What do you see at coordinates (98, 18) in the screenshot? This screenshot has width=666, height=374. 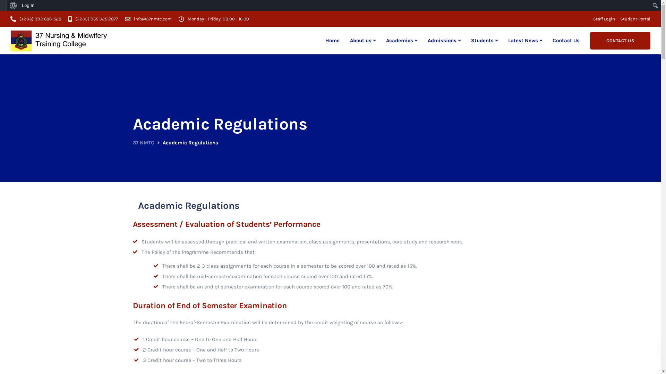 I see `'(+233) 055 325 2877'` at bounding box center [98, 18].